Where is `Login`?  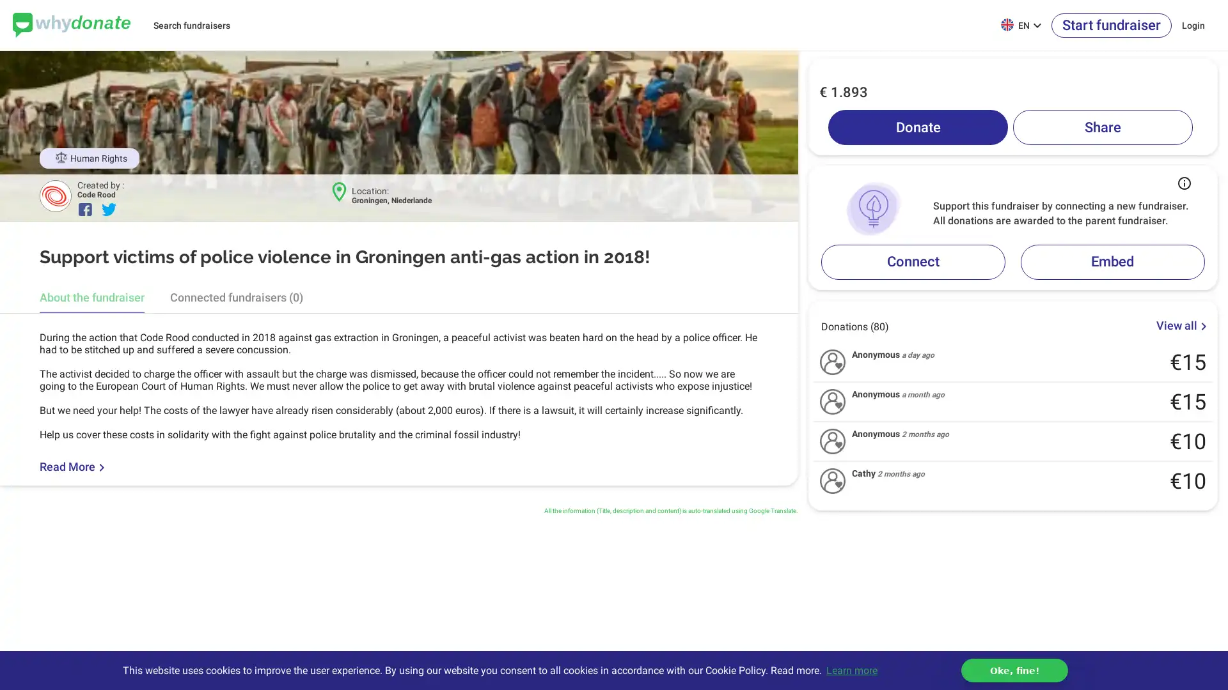 Login is located at coordinates (1193, 24).